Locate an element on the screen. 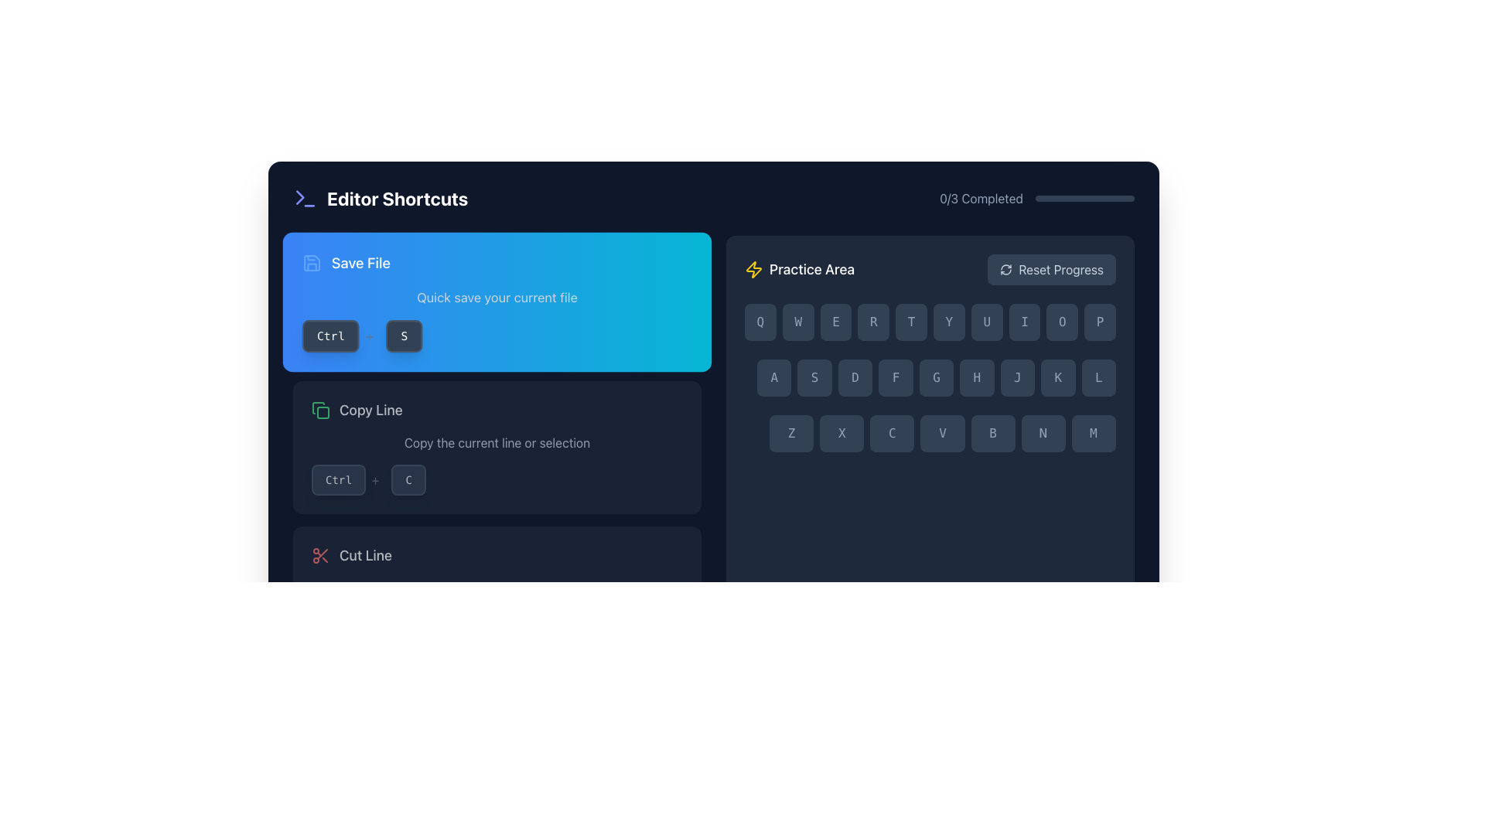 Image resolution: width=1485 pixels, height=835 pixels. the keyboard key labeled 'I', which is styled with a grey rounded rectangular background and light grey text, located in the top right section of the keyboard interface under the 'Practice Area' is located at coordinates (1024, 321).